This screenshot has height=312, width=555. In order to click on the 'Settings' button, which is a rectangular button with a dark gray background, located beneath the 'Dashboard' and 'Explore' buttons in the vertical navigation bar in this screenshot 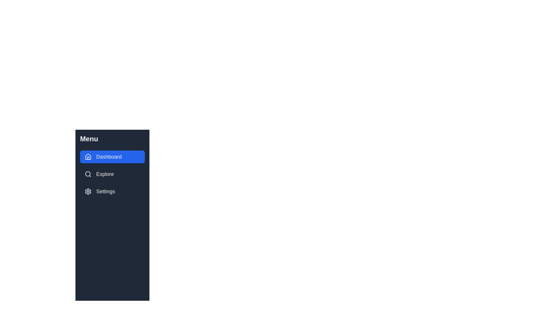, I will do `click(112, 192)`.